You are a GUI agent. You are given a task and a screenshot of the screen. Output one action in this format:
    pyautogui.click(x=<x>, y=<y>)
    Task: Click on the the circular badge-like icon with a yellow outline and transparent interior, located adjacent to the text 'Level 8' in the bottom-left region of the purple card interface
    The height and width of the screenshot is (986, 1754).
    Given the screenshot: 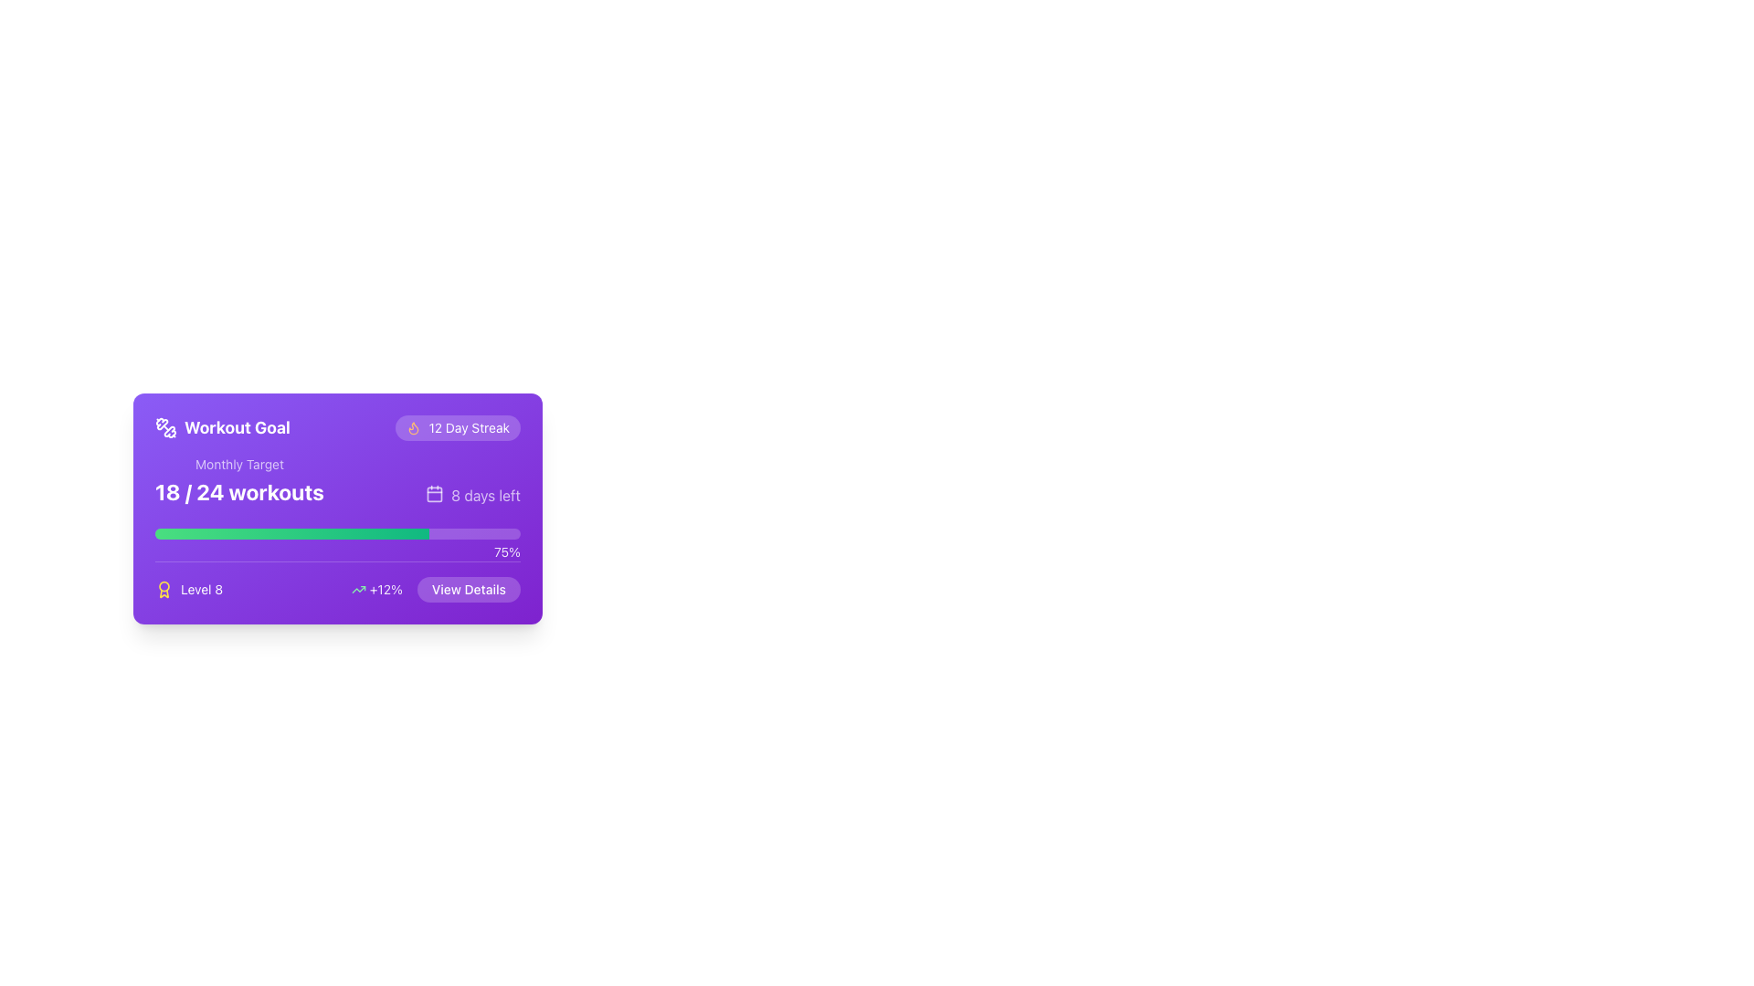 What is the action you would take?
    pyautogui.click(x=164, y=589)
    